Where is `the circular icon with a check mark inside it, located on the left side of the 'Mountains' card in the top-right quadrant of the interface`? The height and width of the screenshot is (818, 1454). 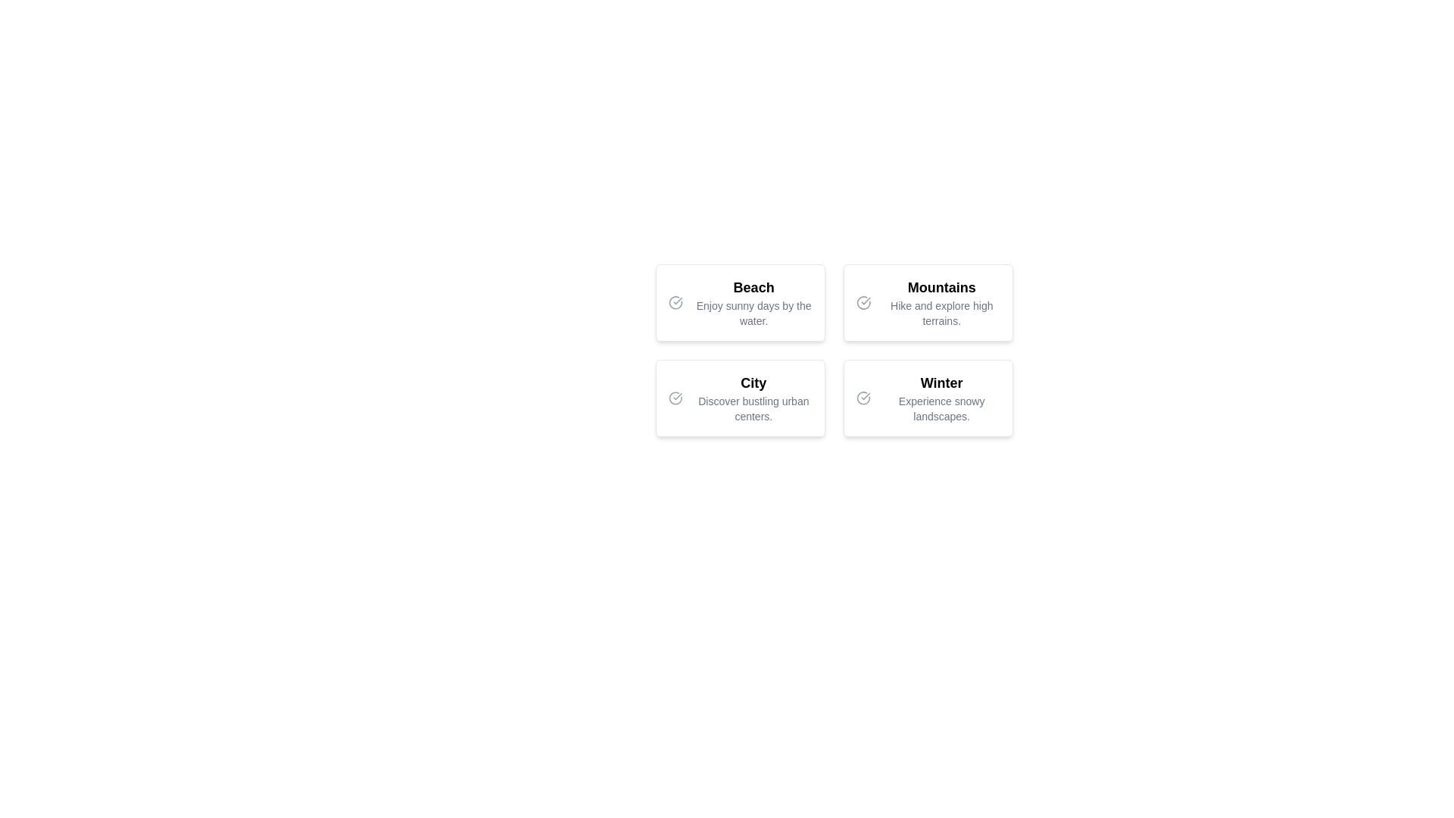
the circular icon with a check mark inside it, located on the left side of the 'Mountains' card in the top-right quadrant of the interface is located at coordinates (863, 303).